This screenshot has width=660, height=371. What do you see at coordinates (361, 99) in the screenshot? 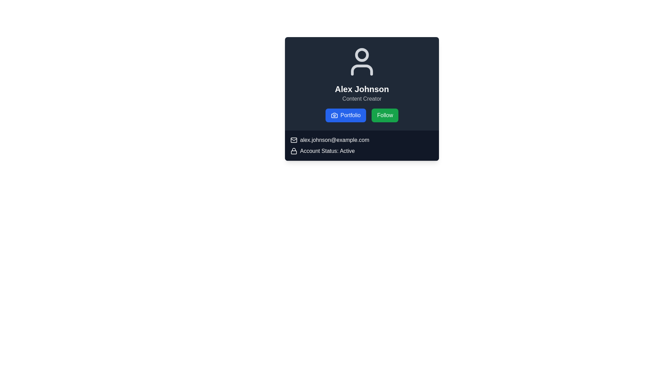
I see `the Text Label displaying 'Content Creator', which is located below 'Alex Johnson' and above the buttons 'Portfolio' and 'Follow'` at bounding box center [361, 99].